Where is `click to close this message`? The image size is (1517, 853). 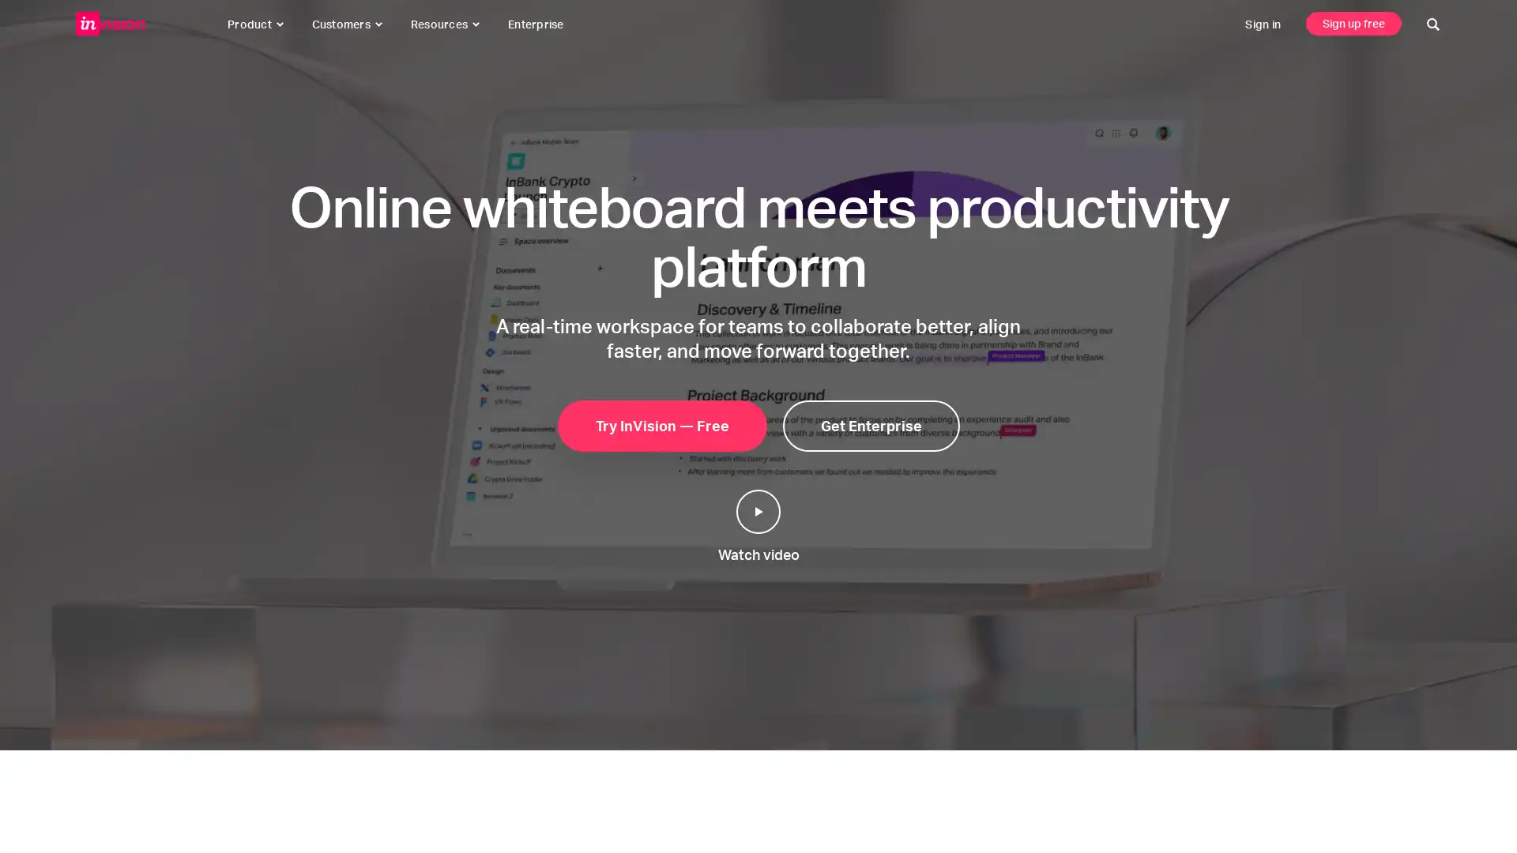 click to close this message is located at coordinates (1431, 768).